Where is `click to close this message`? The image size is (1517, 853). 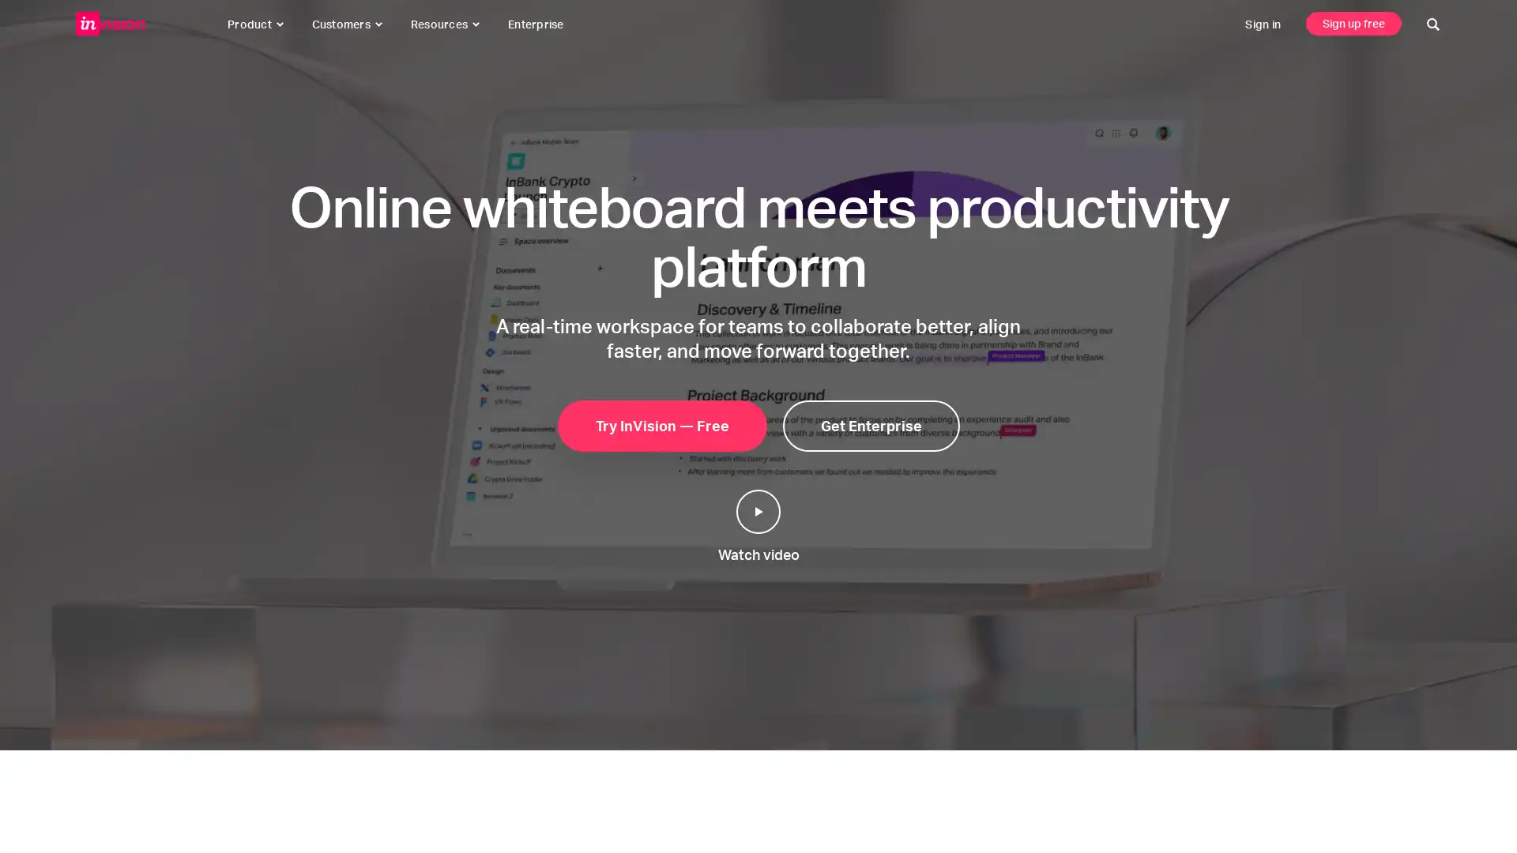 click to close this message is located at coordinates (1431, 768).